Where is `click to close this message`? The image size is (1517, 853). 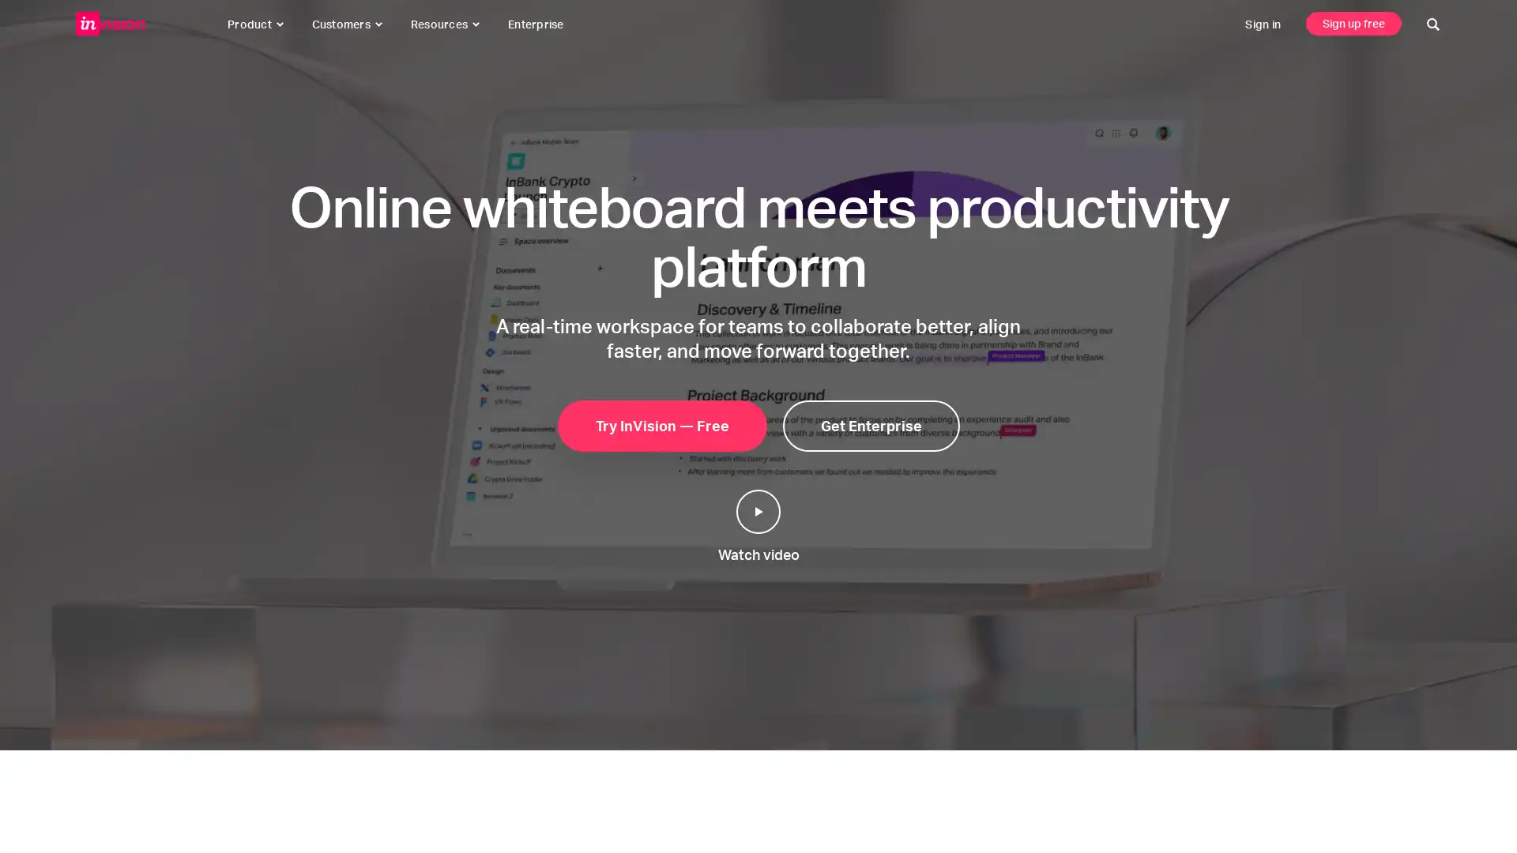 click to close this message is located at coordinates (1431, 768).